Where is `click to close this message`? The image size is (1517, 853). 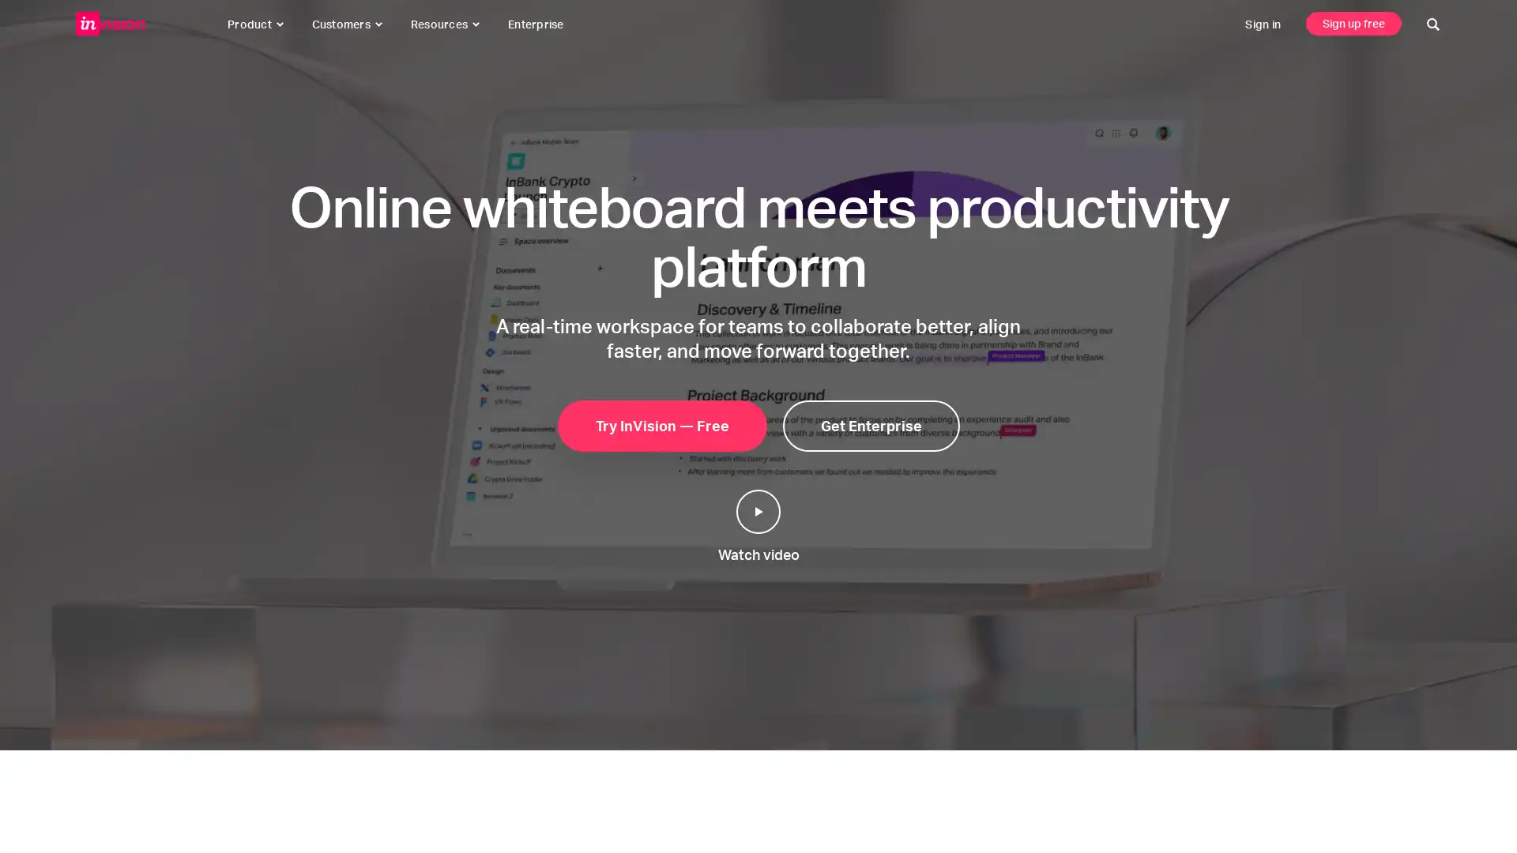 click to close this message is located at coordinates (1431, 768).